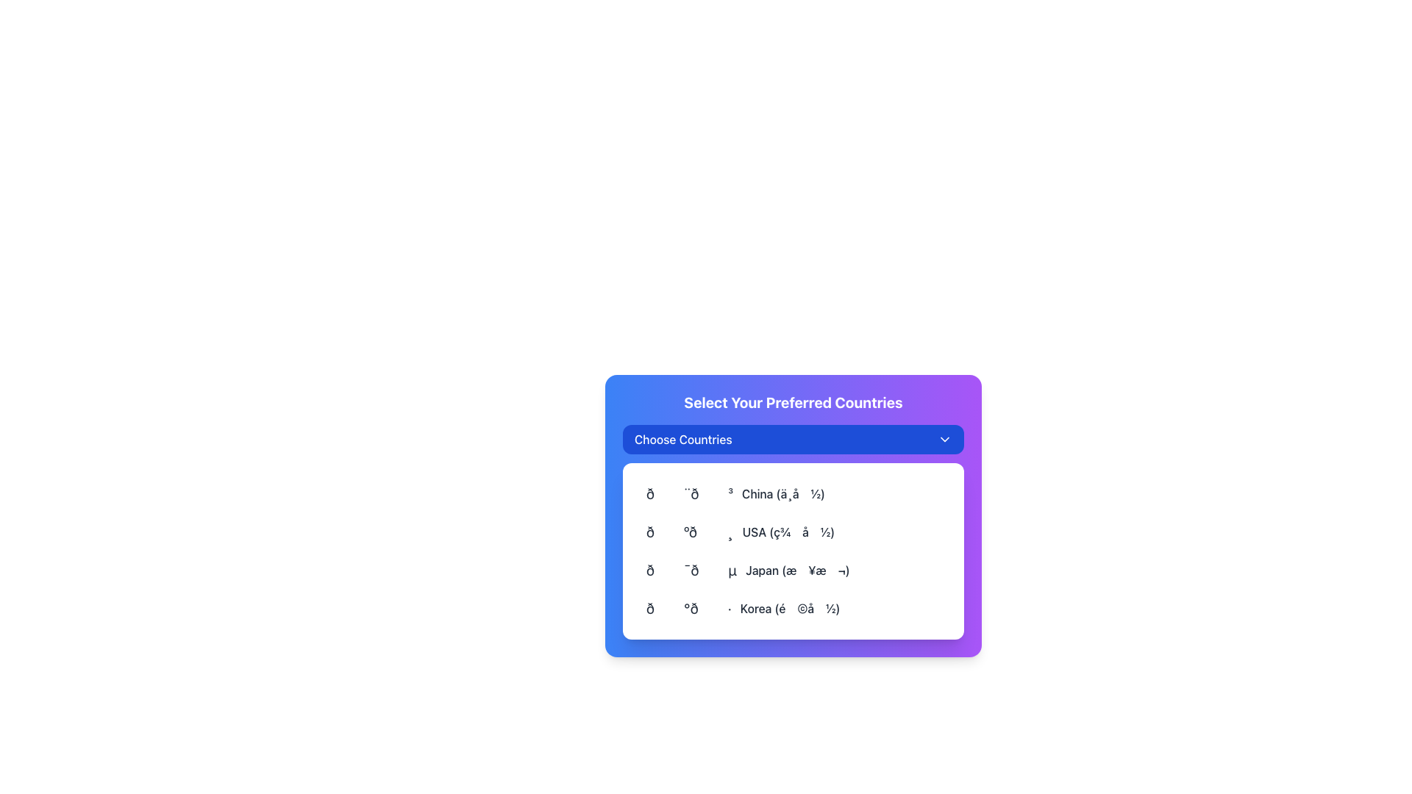  I want to click on the chevron icon located to the far right of the 'Choose Countries' label, so click(945, 438).